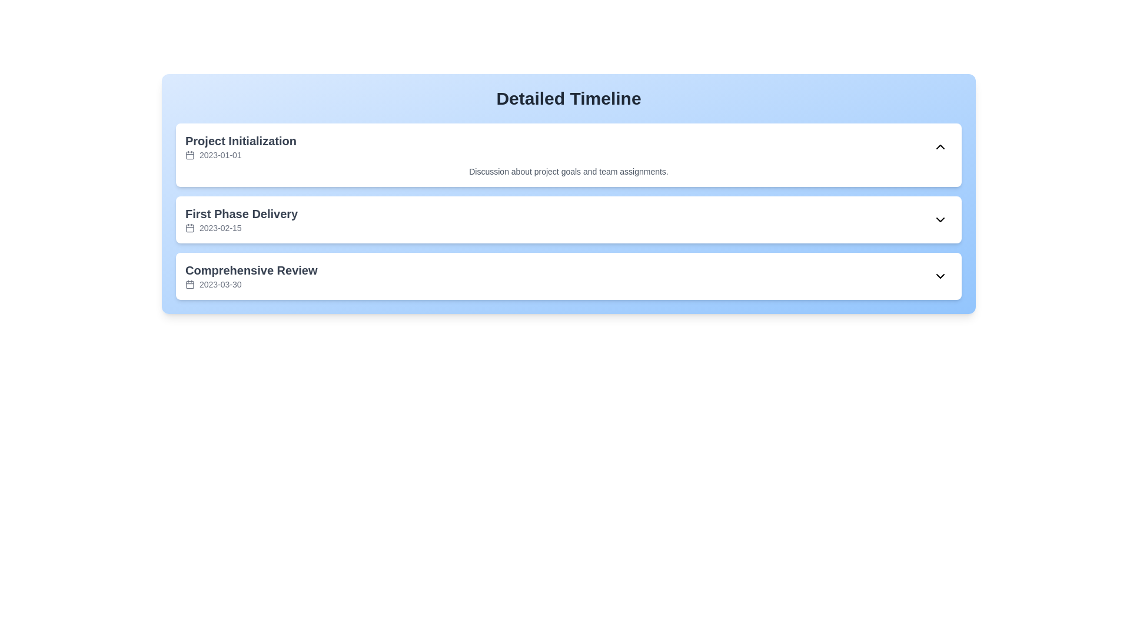  I want to click on the timeline entry element that serves as a clickable summary for events, located at the top of the vertically stacked group of items, so click(240, 146).